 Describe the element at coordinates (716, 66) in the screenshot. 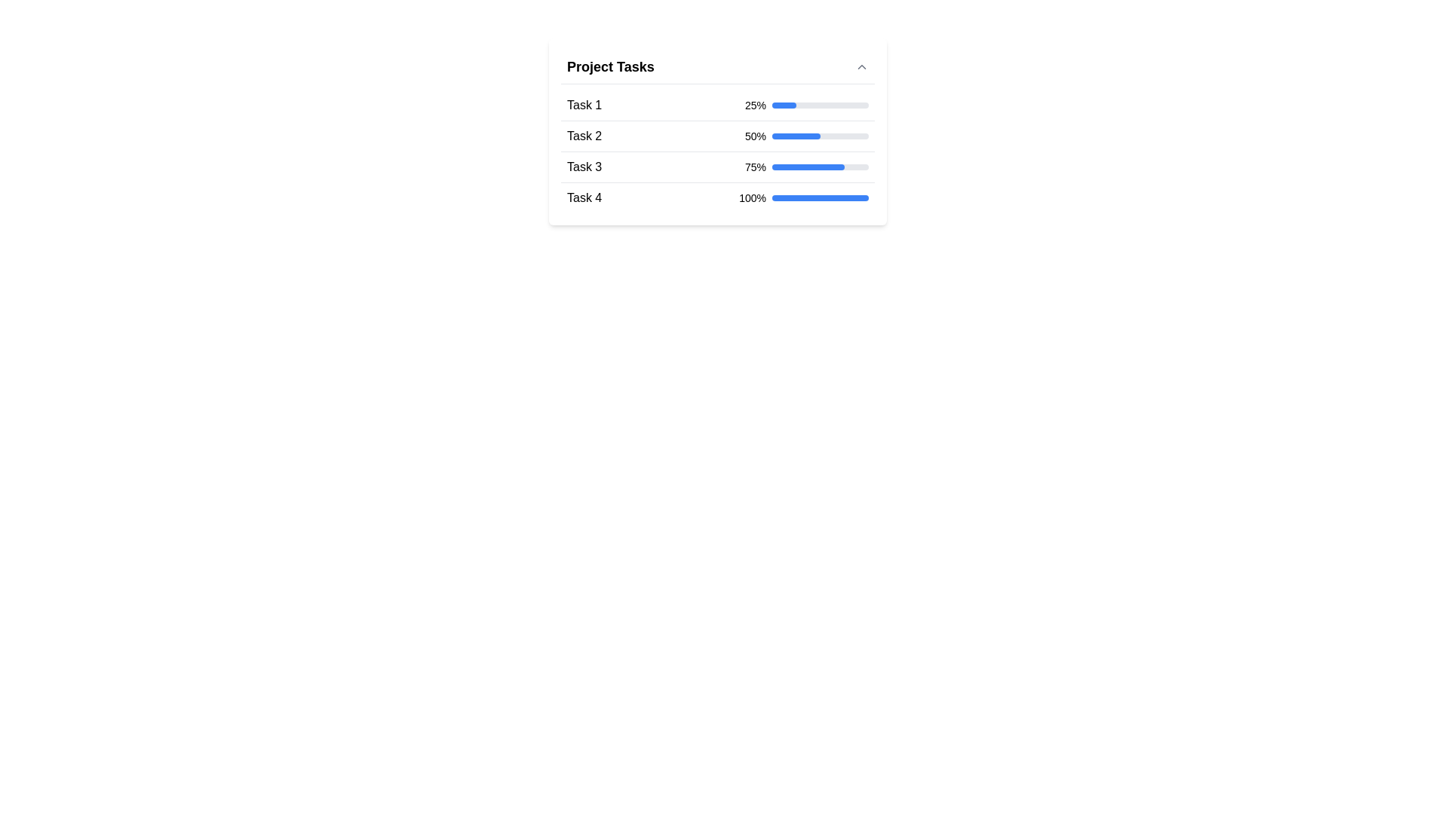

I see `the Section Header with Toggle labeled 'Project Tasks'` at that location.